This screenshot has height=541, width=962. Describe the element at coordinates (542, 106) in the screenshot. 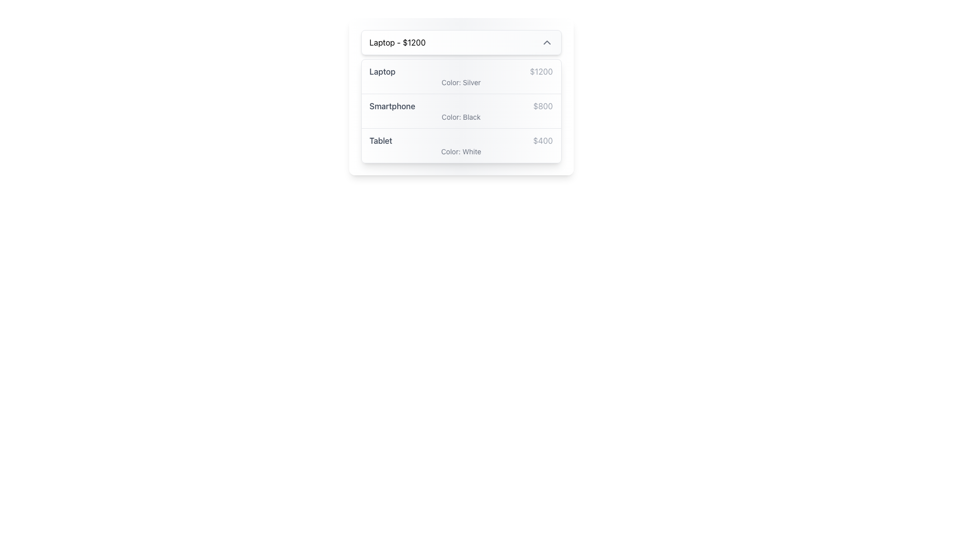

I see `the static text label displaying the price of the 'Smartphone' product, located at the end of the product information row` at that location.